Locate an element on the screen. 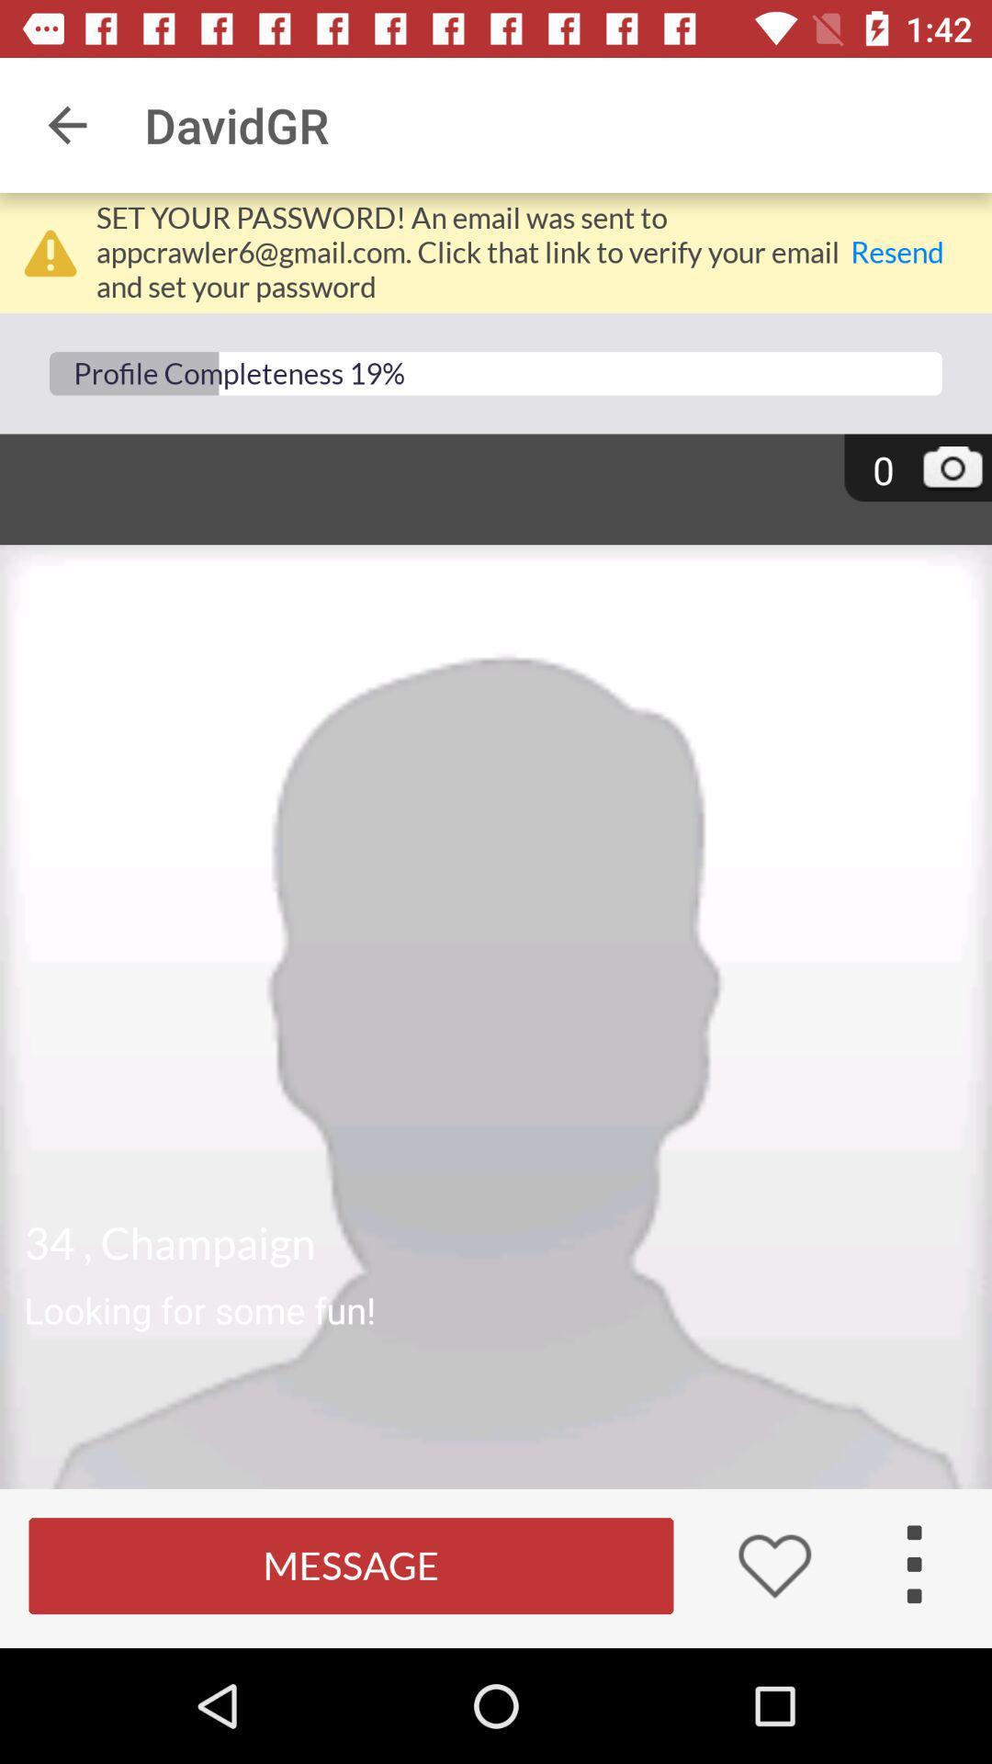 Image resolution: width=992 pixels, height=1764 pixels. the photo icon is located at coordinates (952, 471).